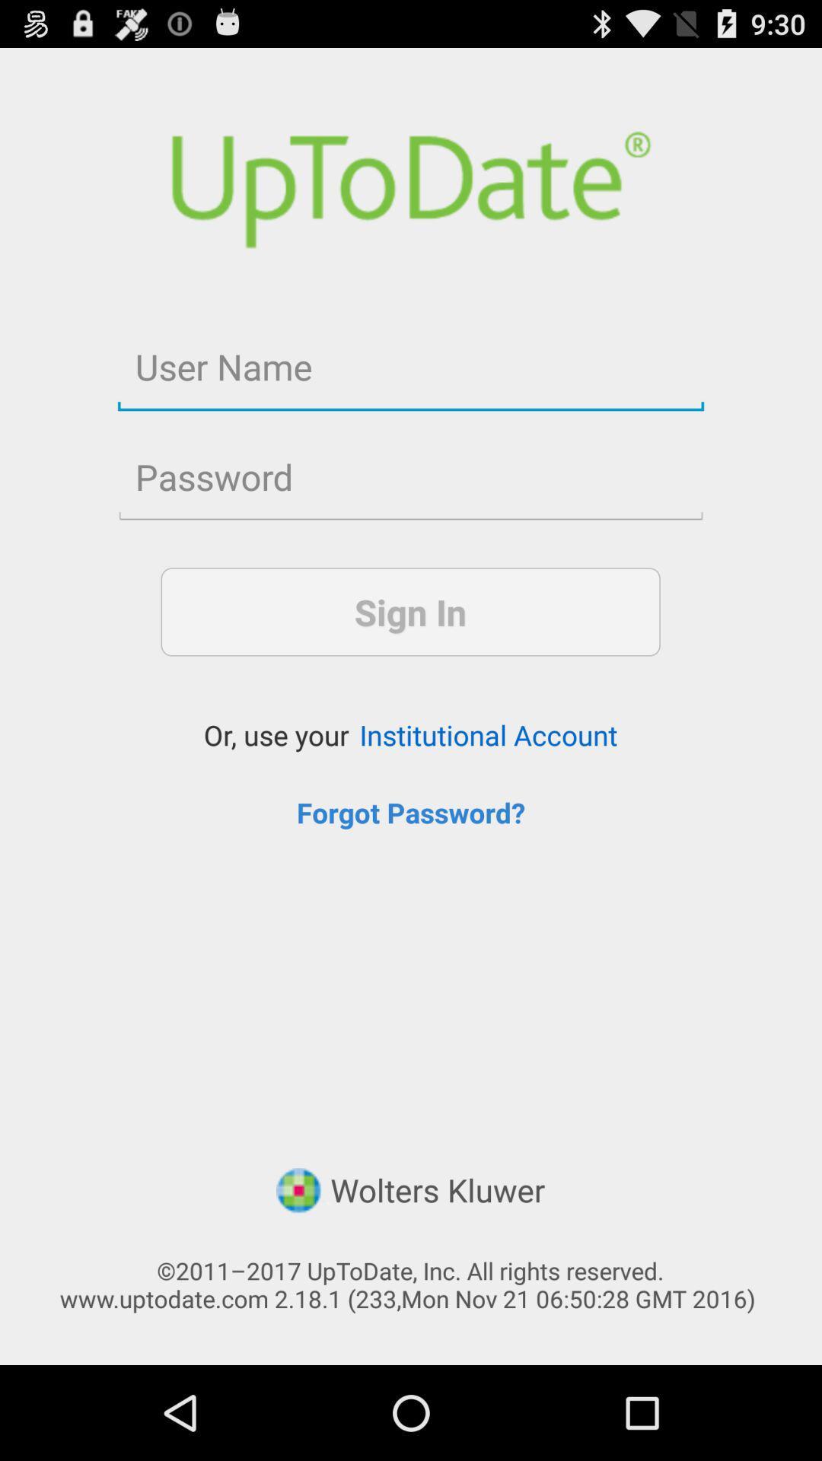 The width and height of the screenshot is (822, 1461). Describe the element at coordinates (409, 1190) in the screenshot. I see `the icon below forgot password? icon` at that location.